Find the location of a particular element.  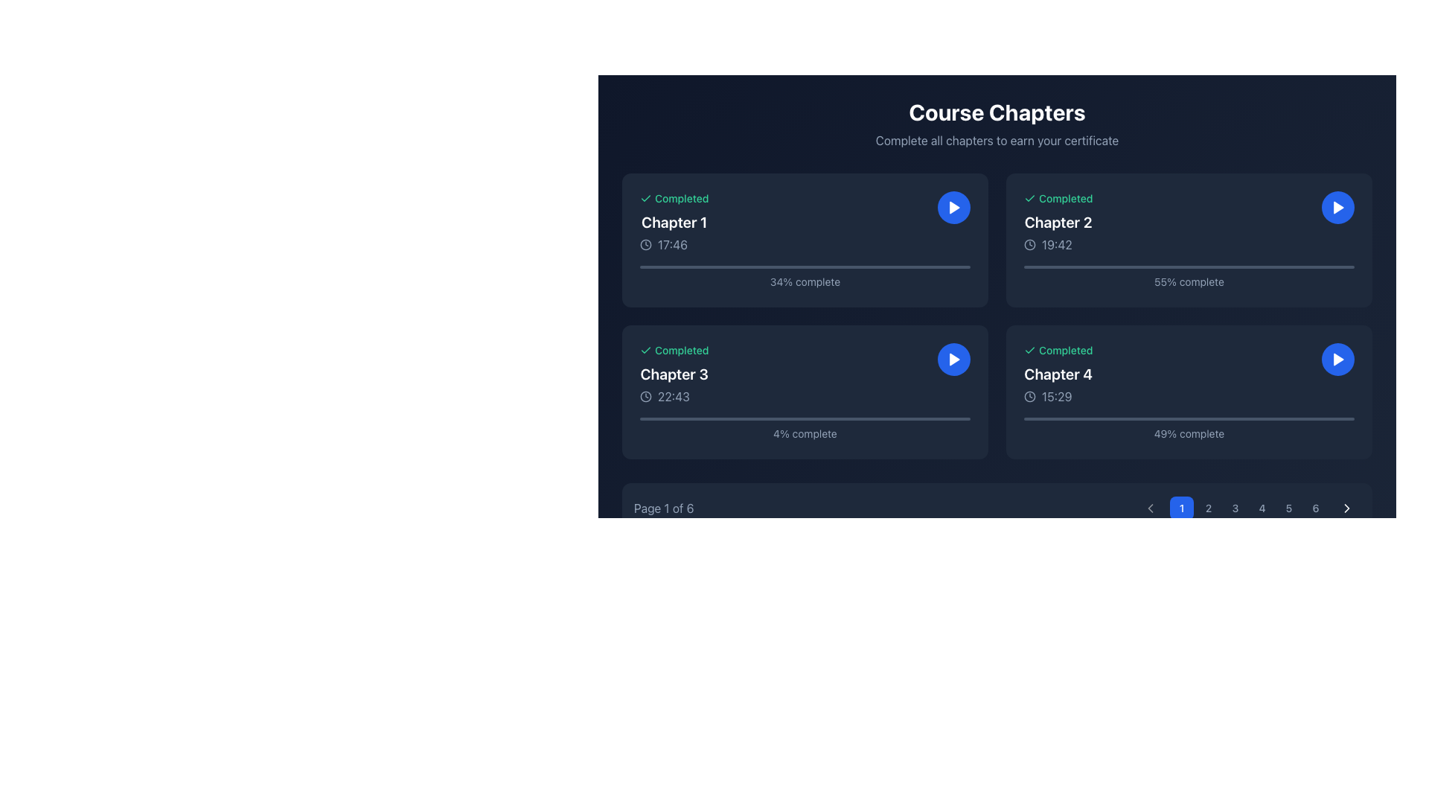

completion status, title, and timestamp of the first chapter card located at the upper left corner of the grid of chapter cards is located at coordinates (804, 223).